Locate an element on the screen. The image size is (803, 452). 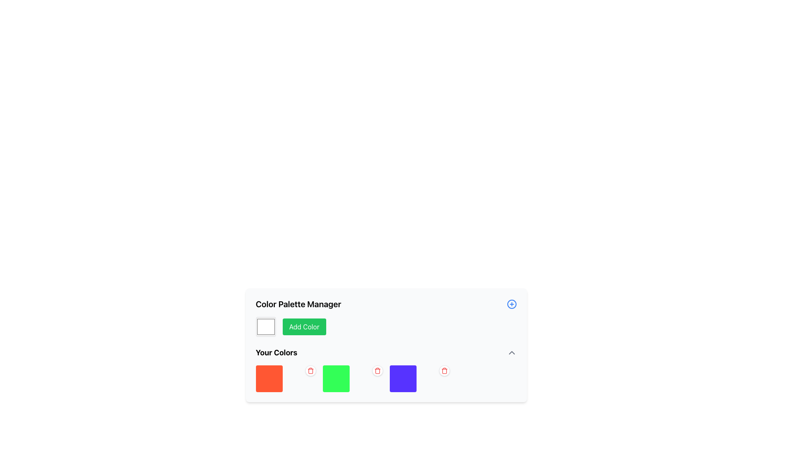
the upward-pointing chevron icon with a gray outline, located to the right of the text 'Your Colors' is located at coordinates (511, 353).